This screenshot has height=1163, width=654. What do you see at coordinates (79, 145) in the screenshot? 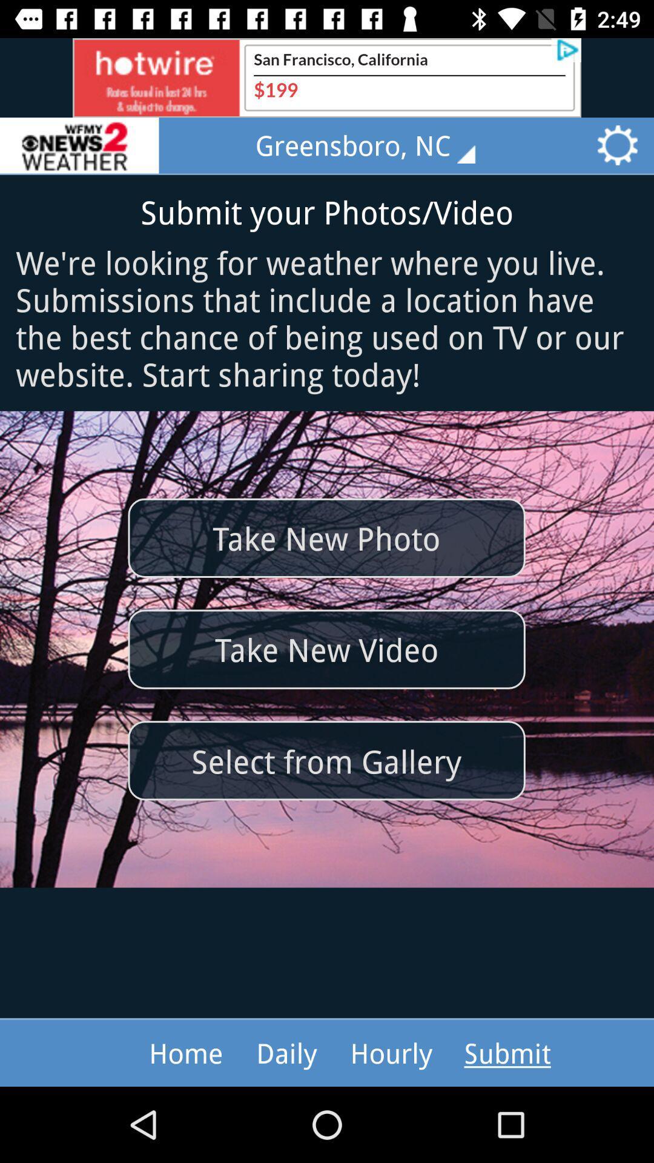
I see `weather report` at bounding box center [79, 145].